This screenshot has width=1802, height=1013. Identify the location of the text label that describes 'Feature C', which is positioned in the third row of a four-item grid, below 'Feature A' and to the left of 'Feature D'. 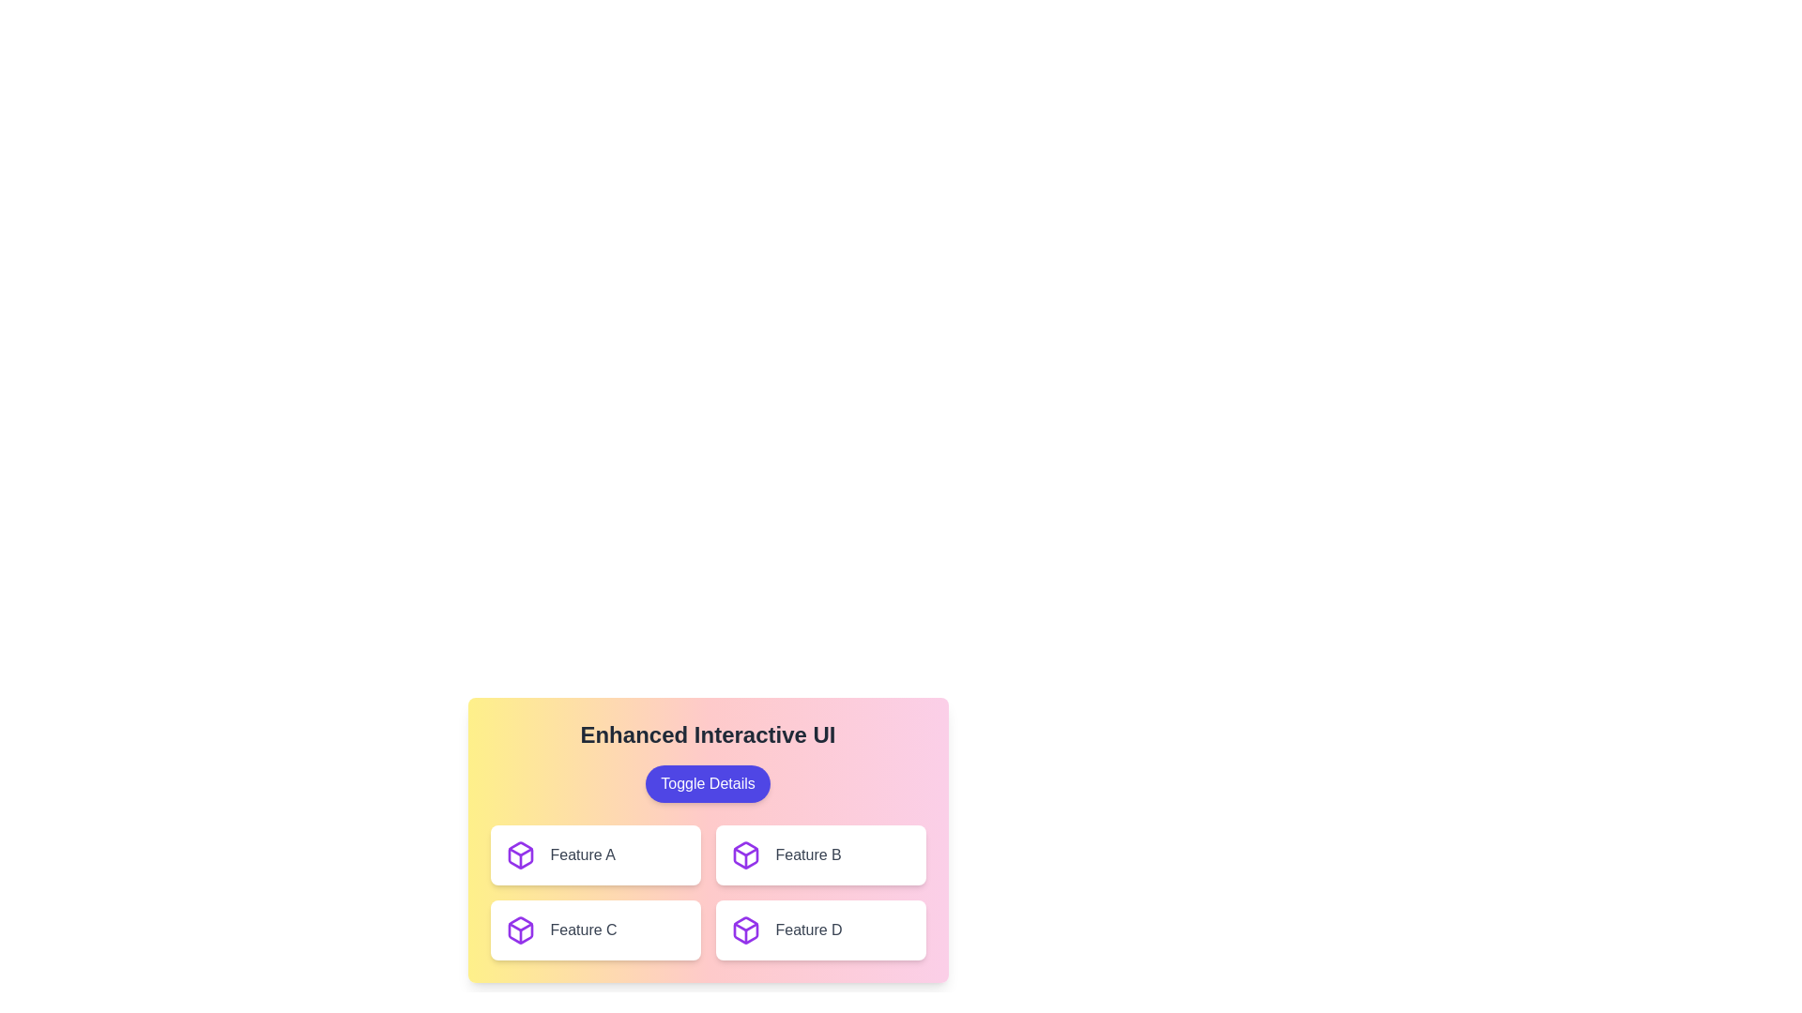
(583, 930).